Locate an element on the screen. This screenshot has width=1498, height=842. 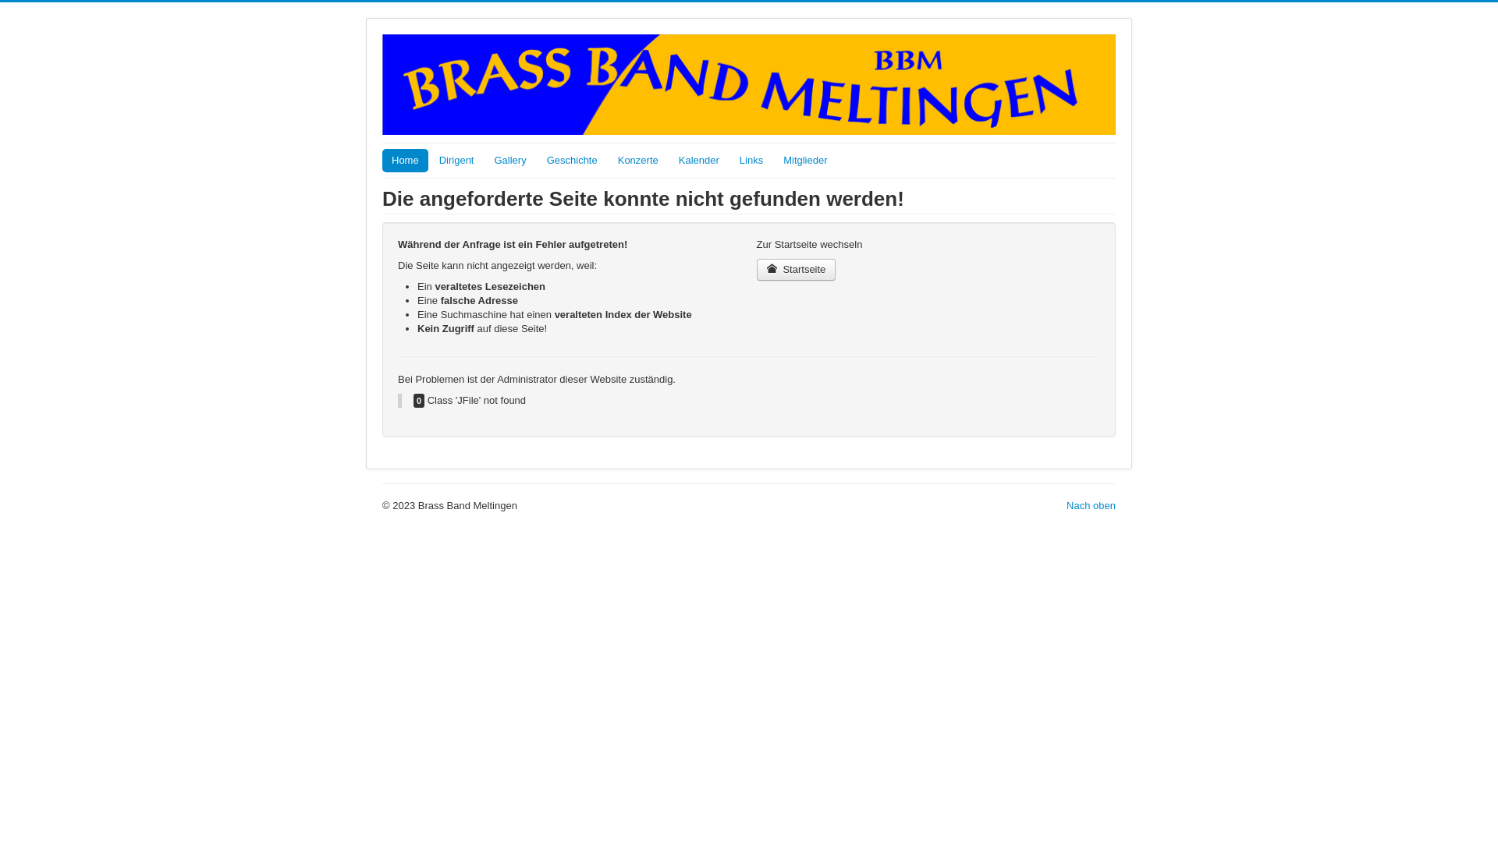
'Kalender' is located at coordinates (698, 160).